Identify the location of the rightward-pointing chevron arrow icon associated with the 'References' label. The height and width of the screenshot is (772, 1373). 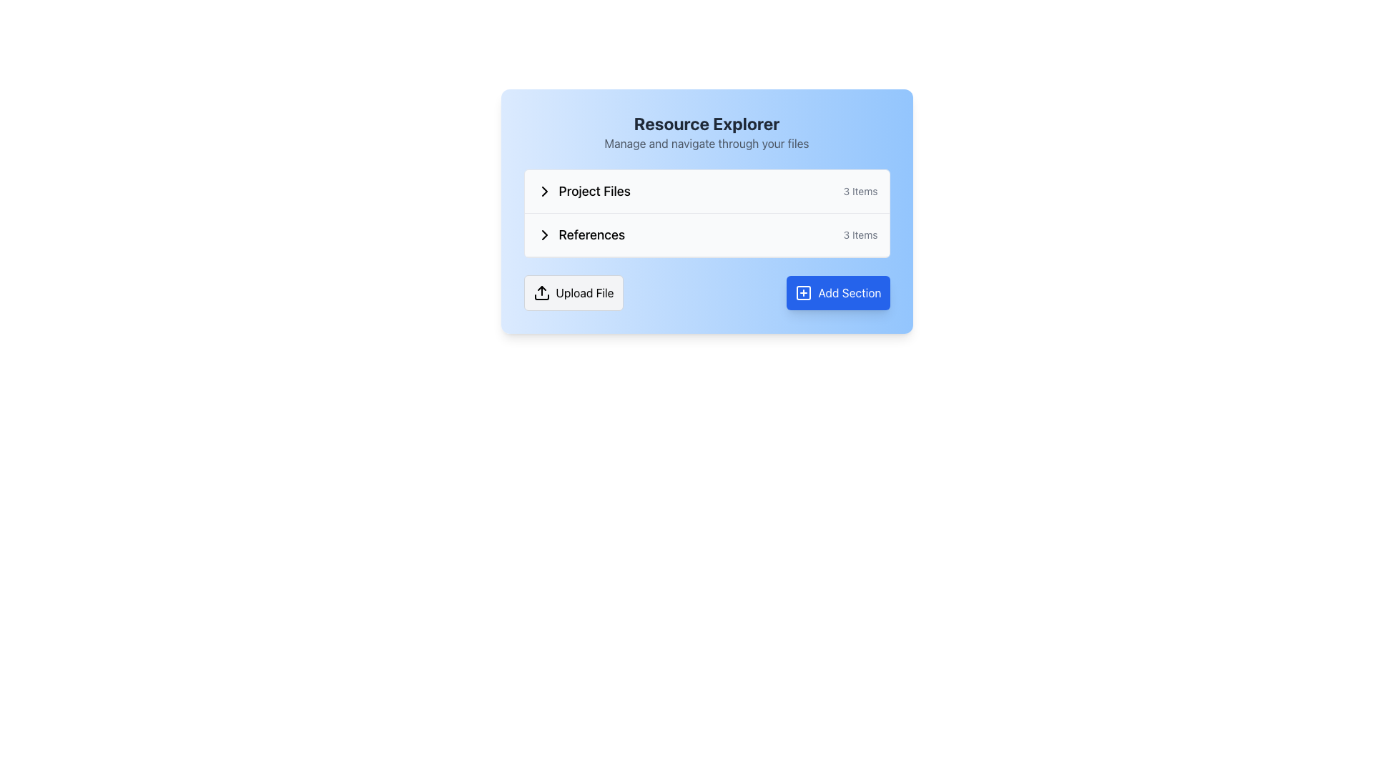
(543, 190).